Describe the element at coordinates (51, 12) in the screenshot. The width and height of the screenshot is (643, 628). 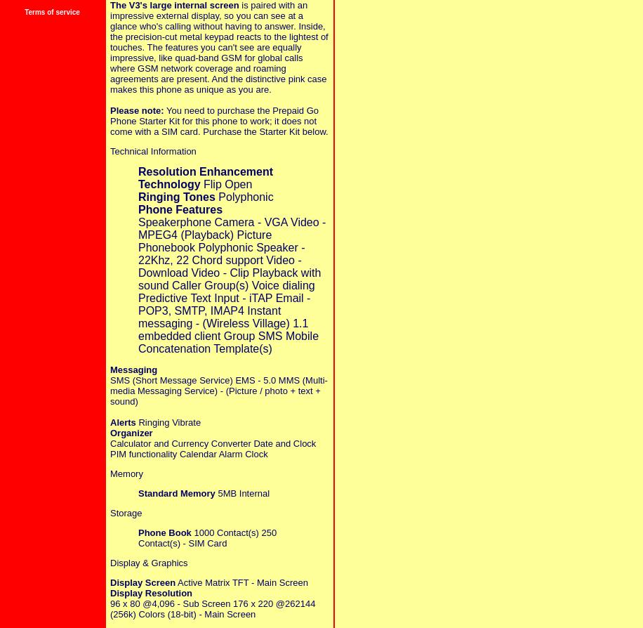
I see `'Terms of service'` at that location.